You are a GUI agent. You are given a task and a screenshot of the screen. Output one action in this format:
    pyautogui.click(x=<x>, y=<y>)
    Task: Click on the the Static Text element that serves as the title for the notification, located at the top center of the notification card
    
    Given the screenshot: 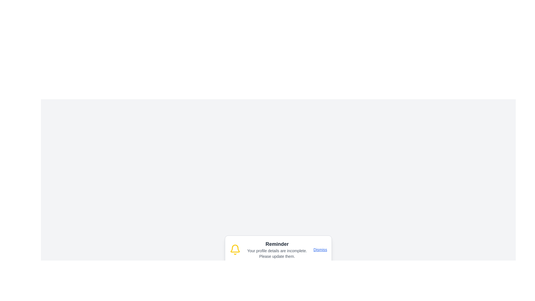 What is the action you would take?
    pyautogui.click(x=277, y=244)
    